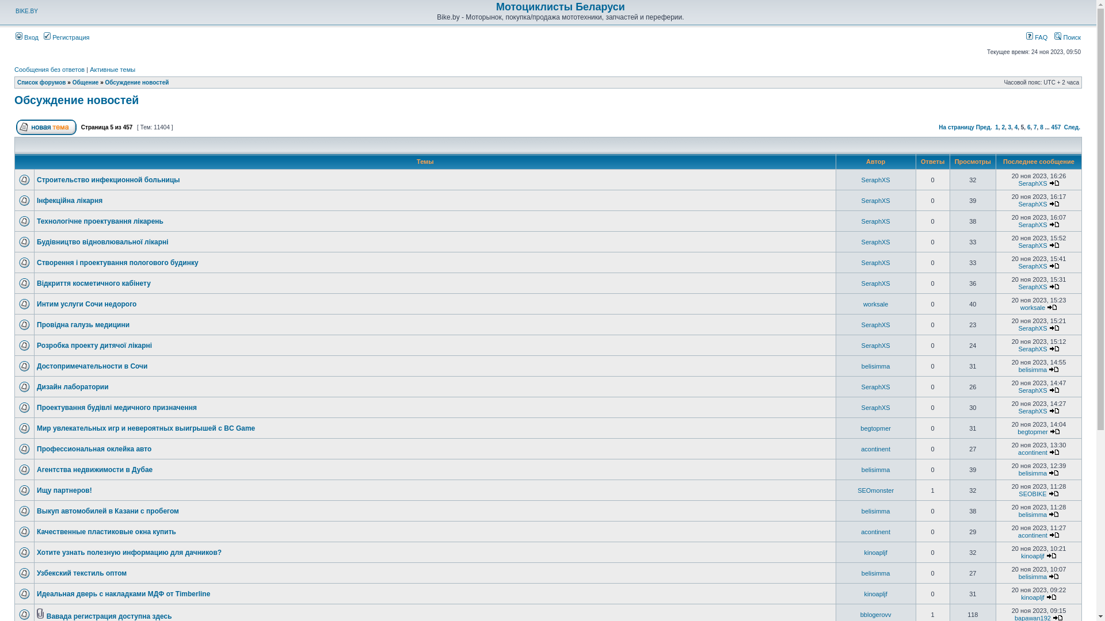  Describe the element at coordinates (1041, 127) in the screenshot. I see `'8'` at that location.